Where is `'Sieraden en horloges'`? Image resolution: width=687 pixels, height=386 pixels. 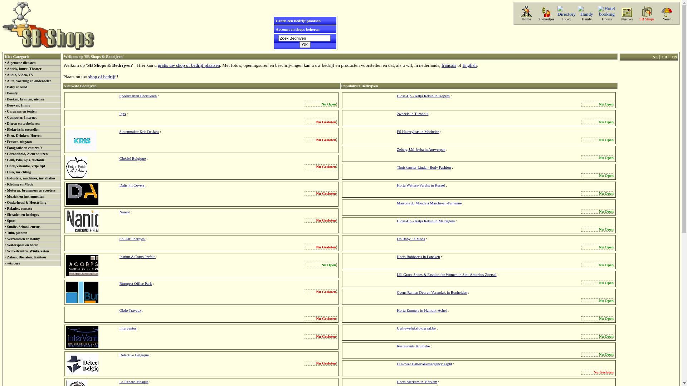 'Sieraden en horloges' is located at coordinates (7, 214).